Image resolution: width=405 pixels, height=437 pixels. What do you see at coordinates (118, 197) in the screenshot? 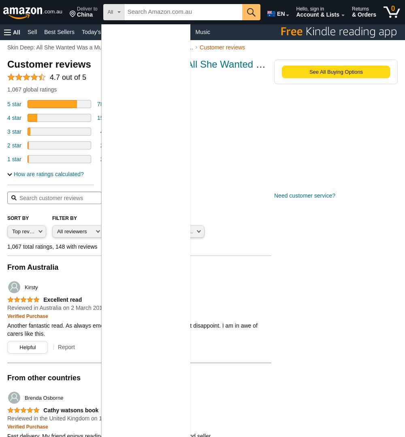
I see `'Search'` at bounding box center [118, 197].